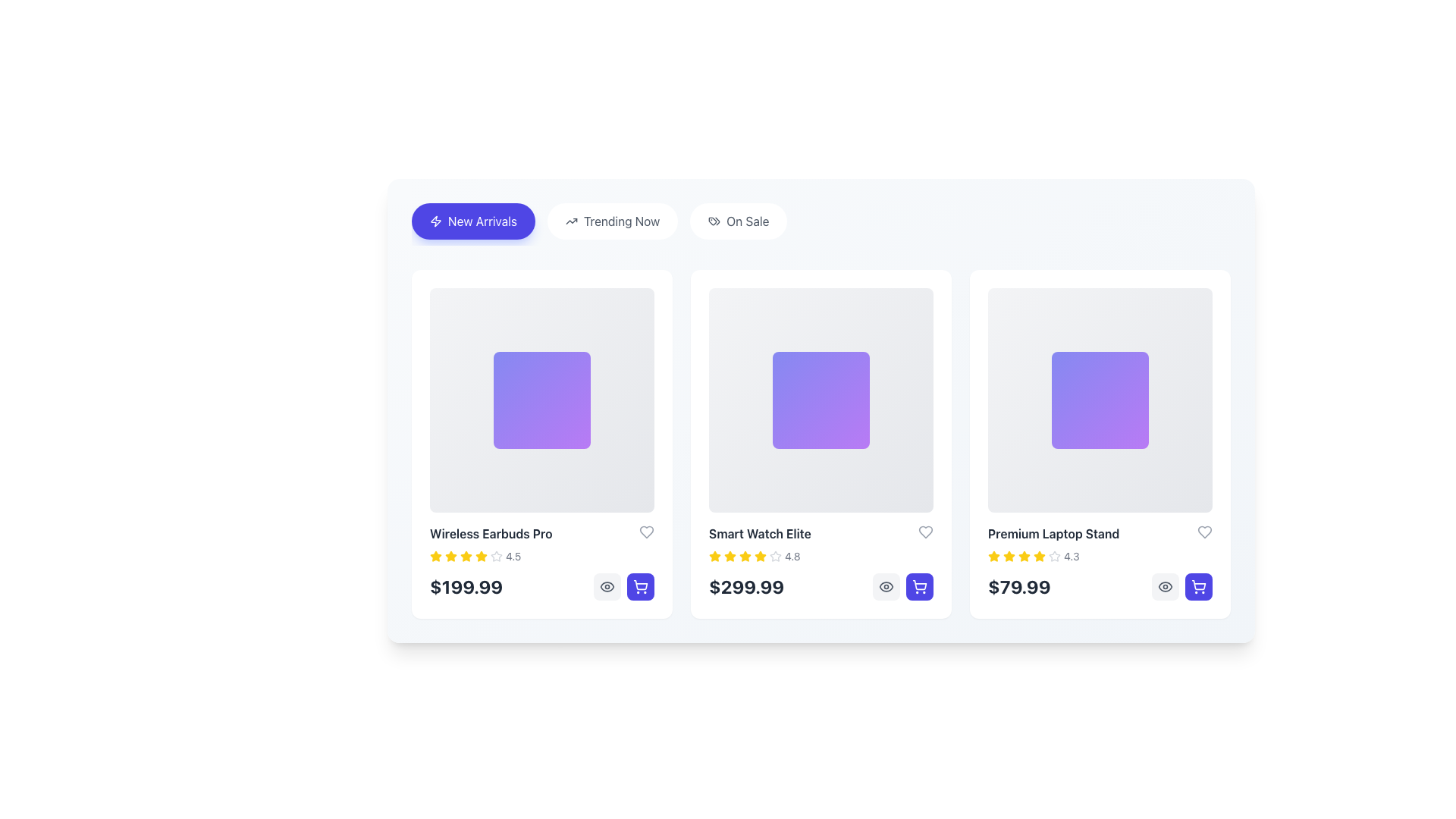  I want to click on the heart icon in the upper right corner of the 'Wireless Earbuds Pro' product card, so click(647, 532).